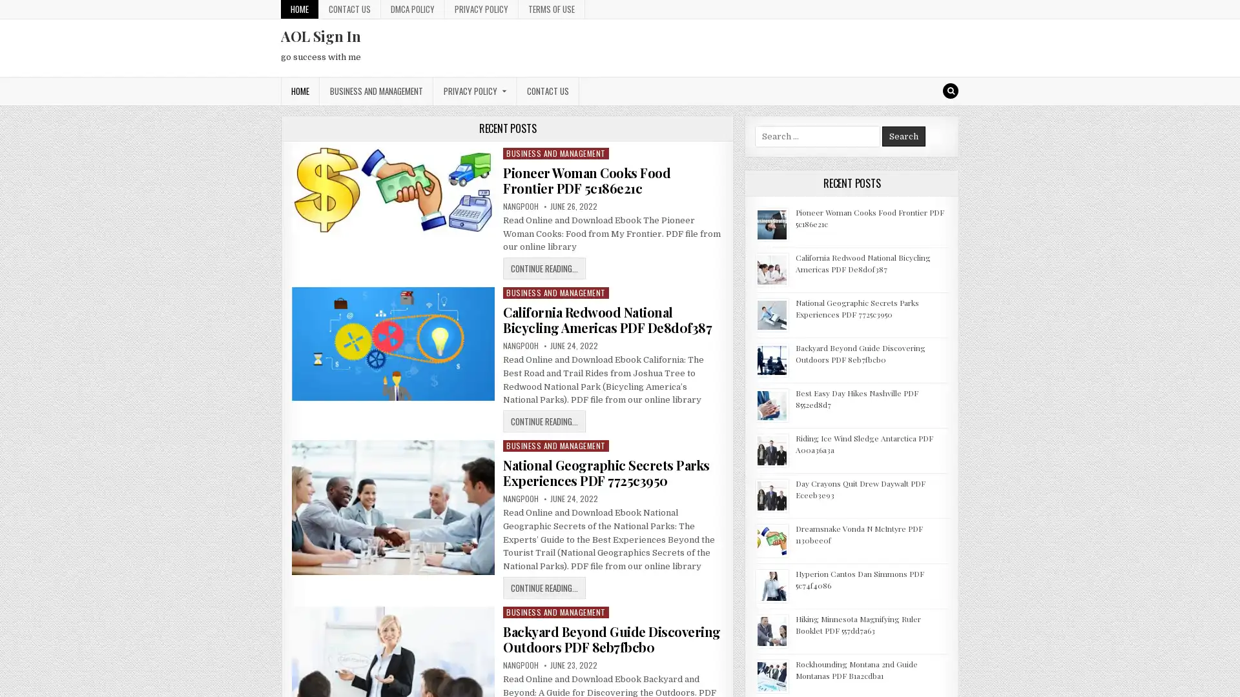 The width and height of the screenshot is (1240, 697). What do you see at coordinates (903, 136) in the screenshot?
I see `Search` at bounding box center [903, 136].